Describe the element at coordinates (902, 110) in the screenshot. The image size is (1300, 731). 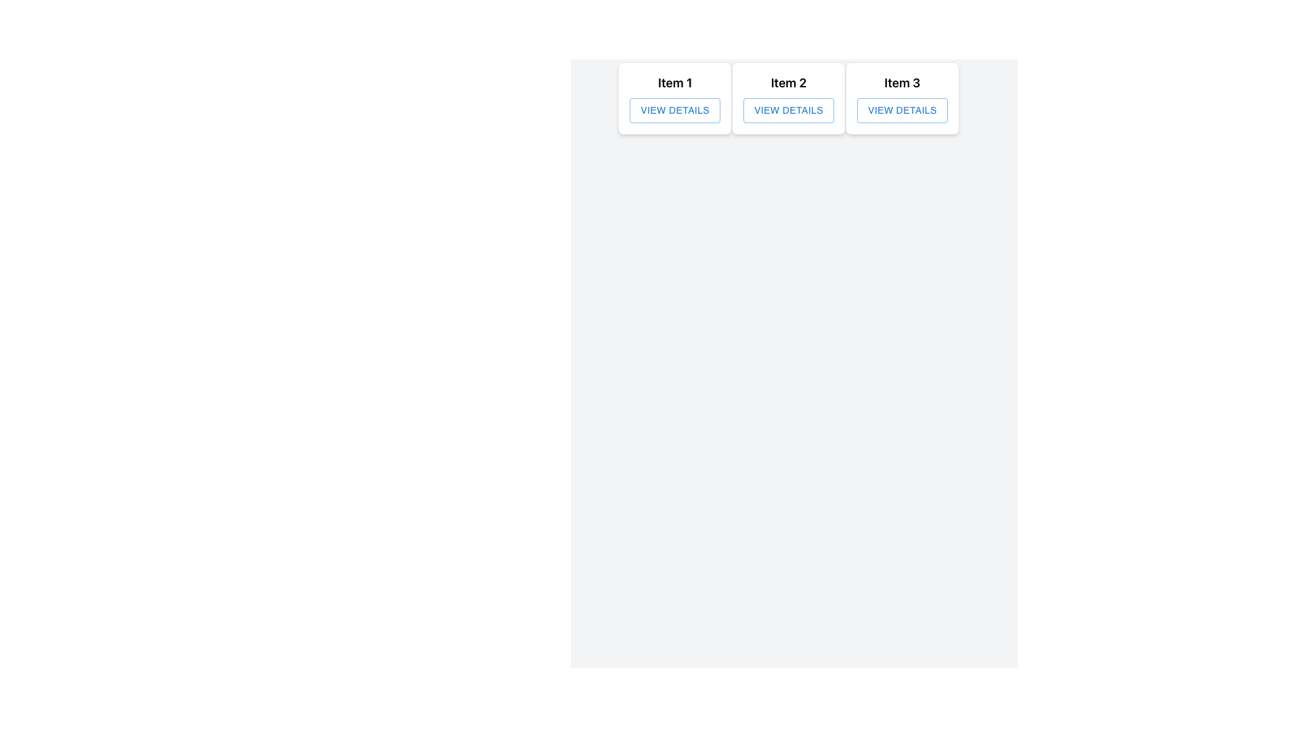
I see `the button located below the title text 'Item 3'` at that location.